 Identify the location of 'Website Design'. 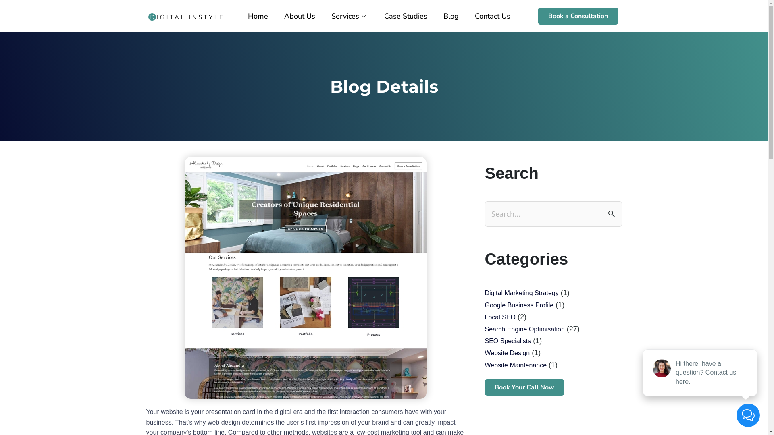
(506, 352).